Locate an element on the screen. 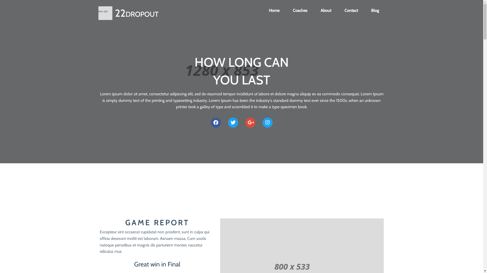 This screenshot has height=273, width=487. 'Home' is located at coordinates (274, 11).